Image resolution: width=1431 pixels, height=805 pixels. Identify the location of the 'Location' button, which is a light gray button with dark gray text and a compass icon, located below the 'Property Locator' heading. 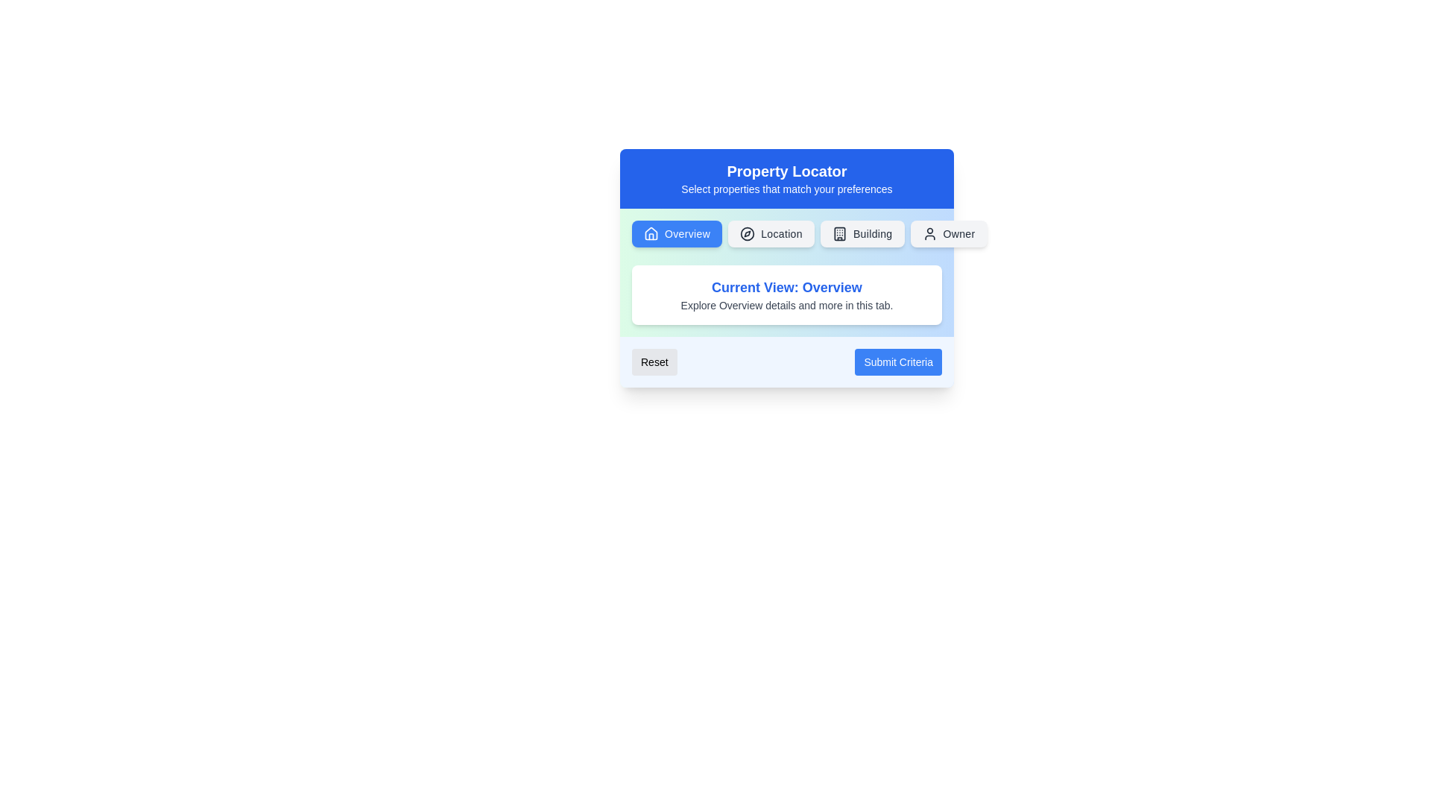
(786, 233).